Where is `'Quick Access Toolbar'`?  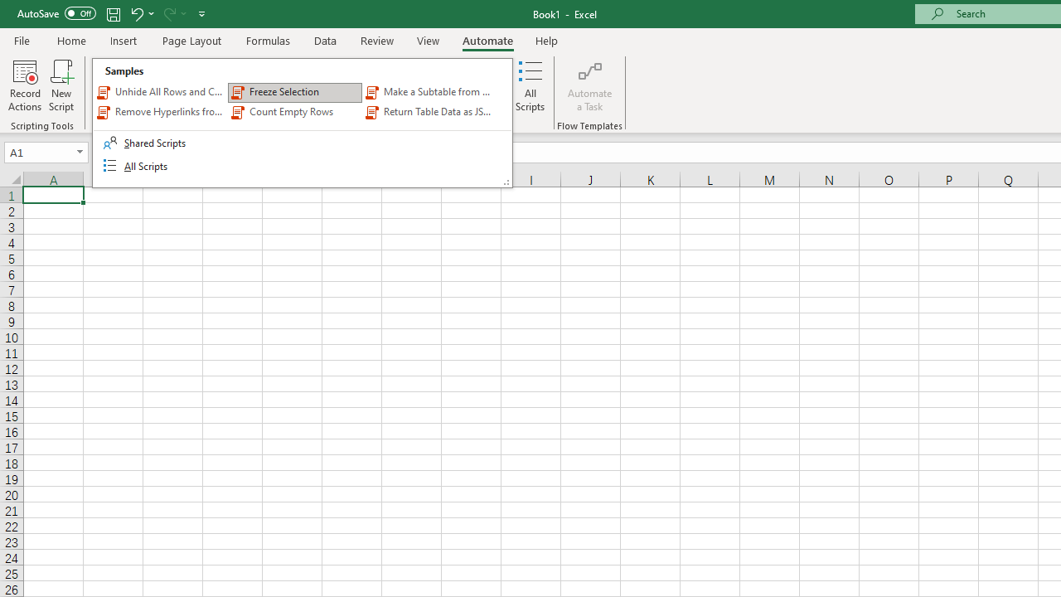 'Quick Access Toolbar' is located at coordinates (112, 13).